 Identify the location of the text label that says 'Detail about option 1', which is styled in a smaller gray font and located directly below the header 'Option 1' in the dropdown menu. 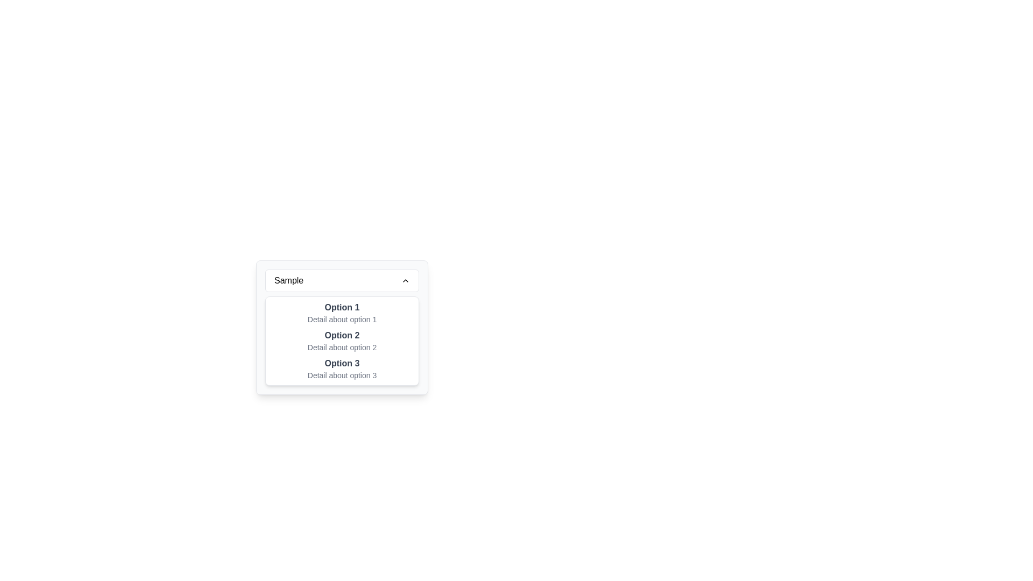
(341, 319).